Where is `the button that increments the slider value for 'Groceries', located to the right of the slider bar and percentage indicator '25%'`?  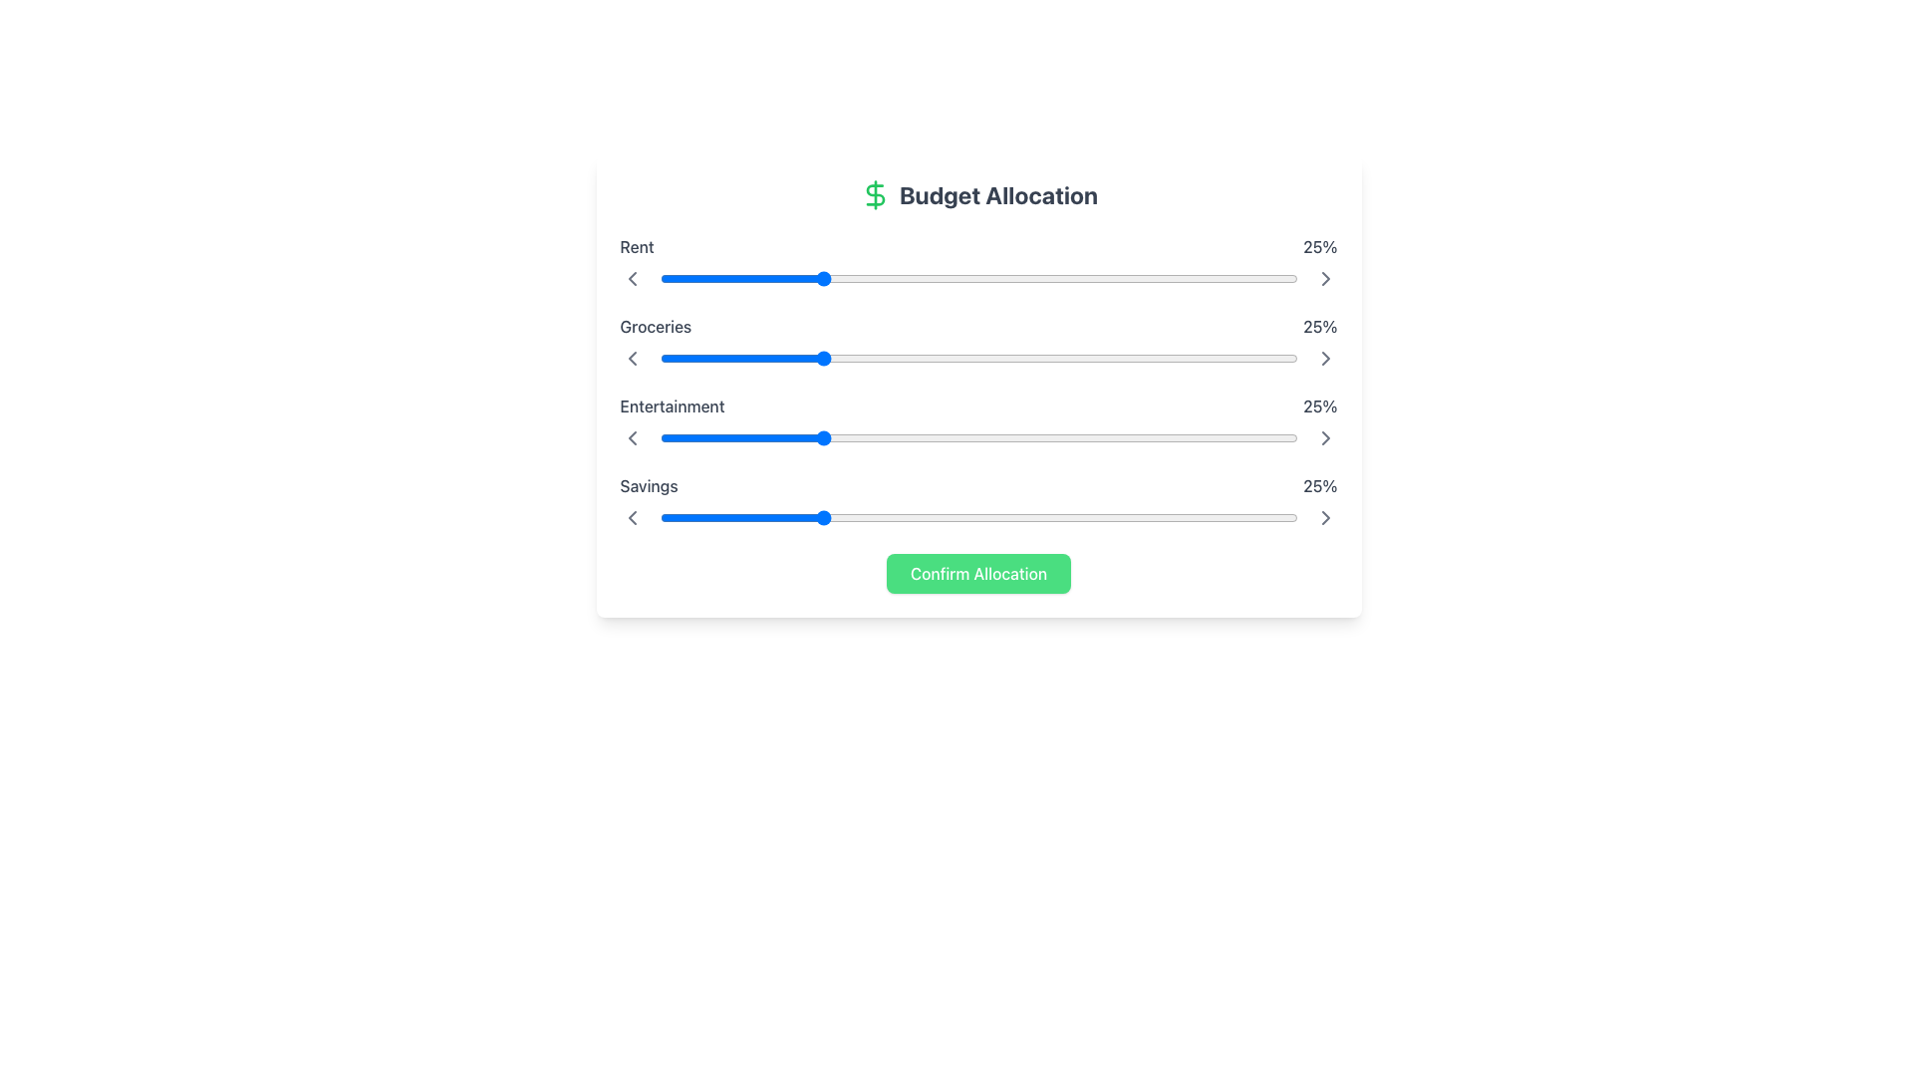
the button that increments the slider value for 'Groceries', located to the right of the slider bar and percentage indicator '25%' is located at coordinates (1325, 357).